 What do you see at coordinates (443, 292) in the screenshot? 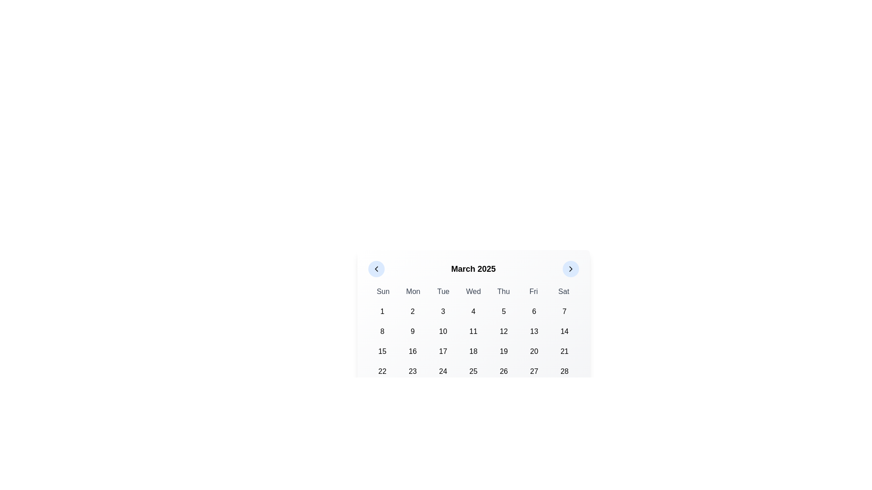
I see `the text label displaying 'Tue', which is the third item in a horizontal sequence of day abbreviations within a compact calendar interface` at bounding box center [443, 292].